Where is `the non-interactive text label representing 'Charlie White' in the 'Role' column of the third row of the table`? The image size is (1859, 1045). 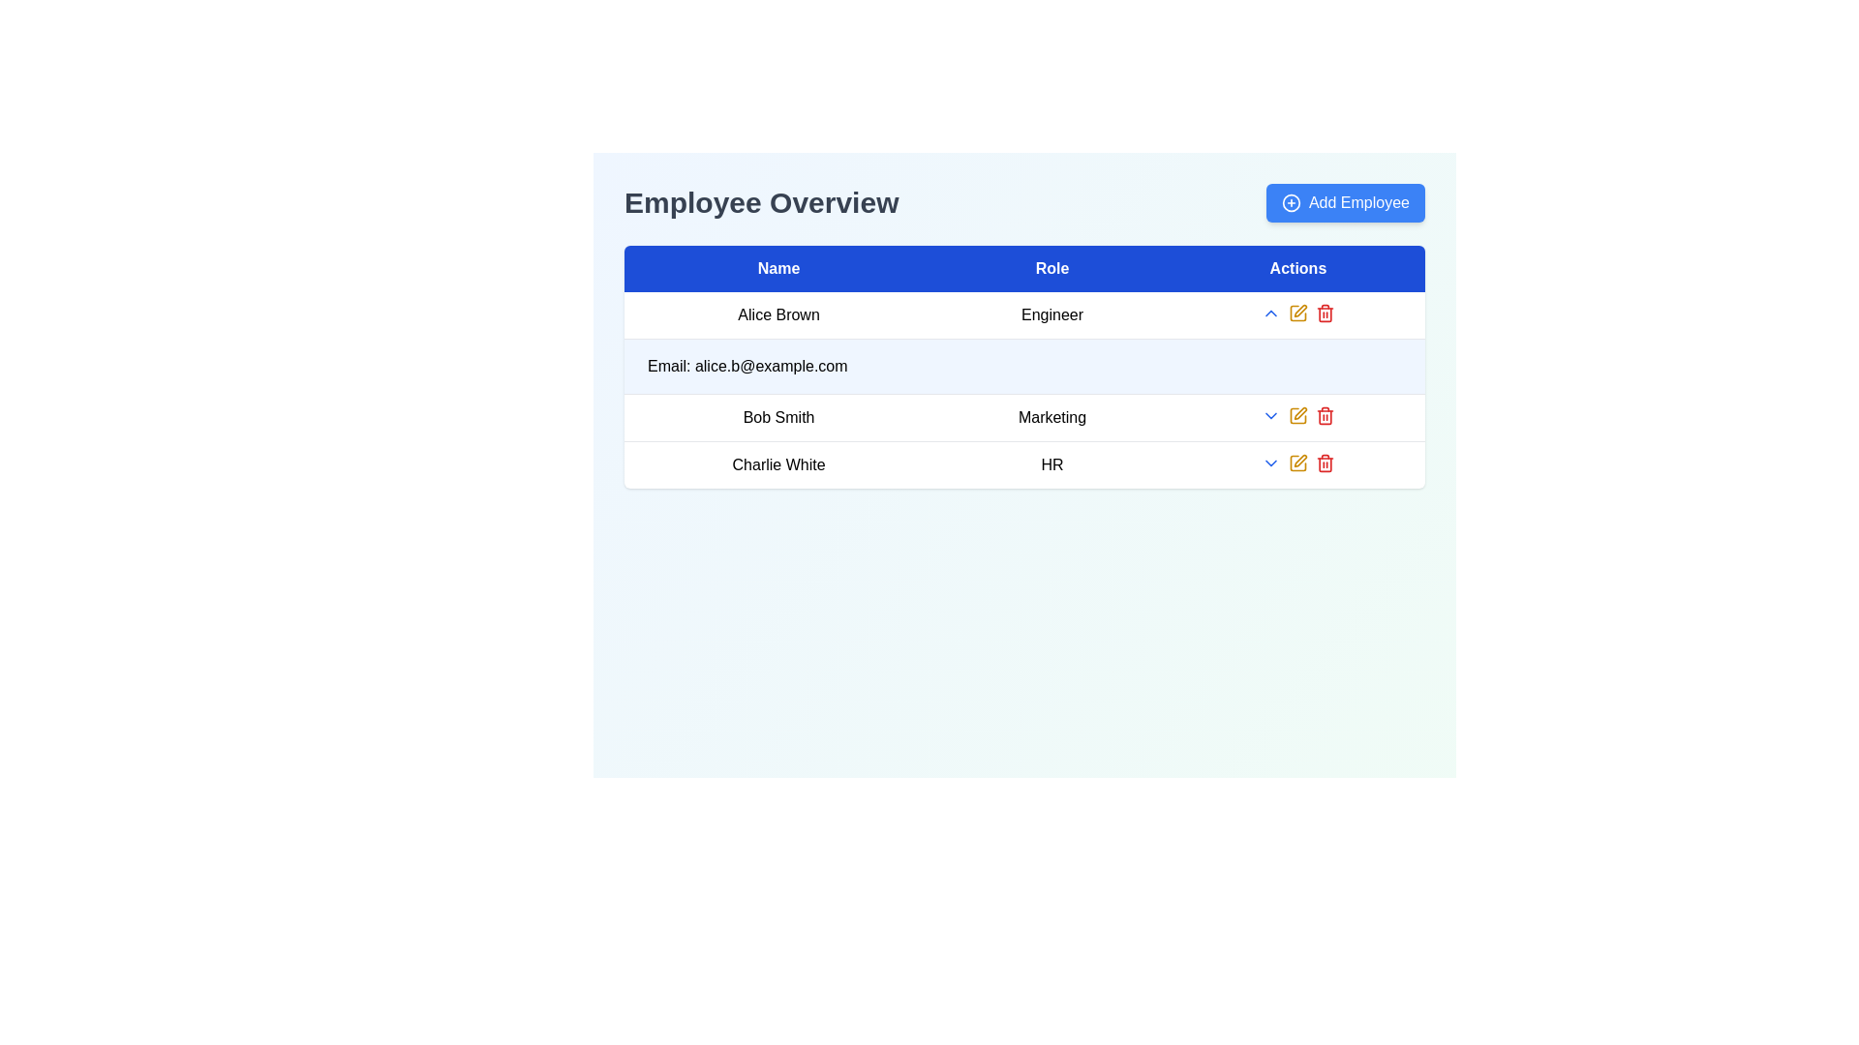 the non-interactive text label representing 'Charlie White' in the 'Role' column of the third row of the table is located at coordinates (1051, 464).